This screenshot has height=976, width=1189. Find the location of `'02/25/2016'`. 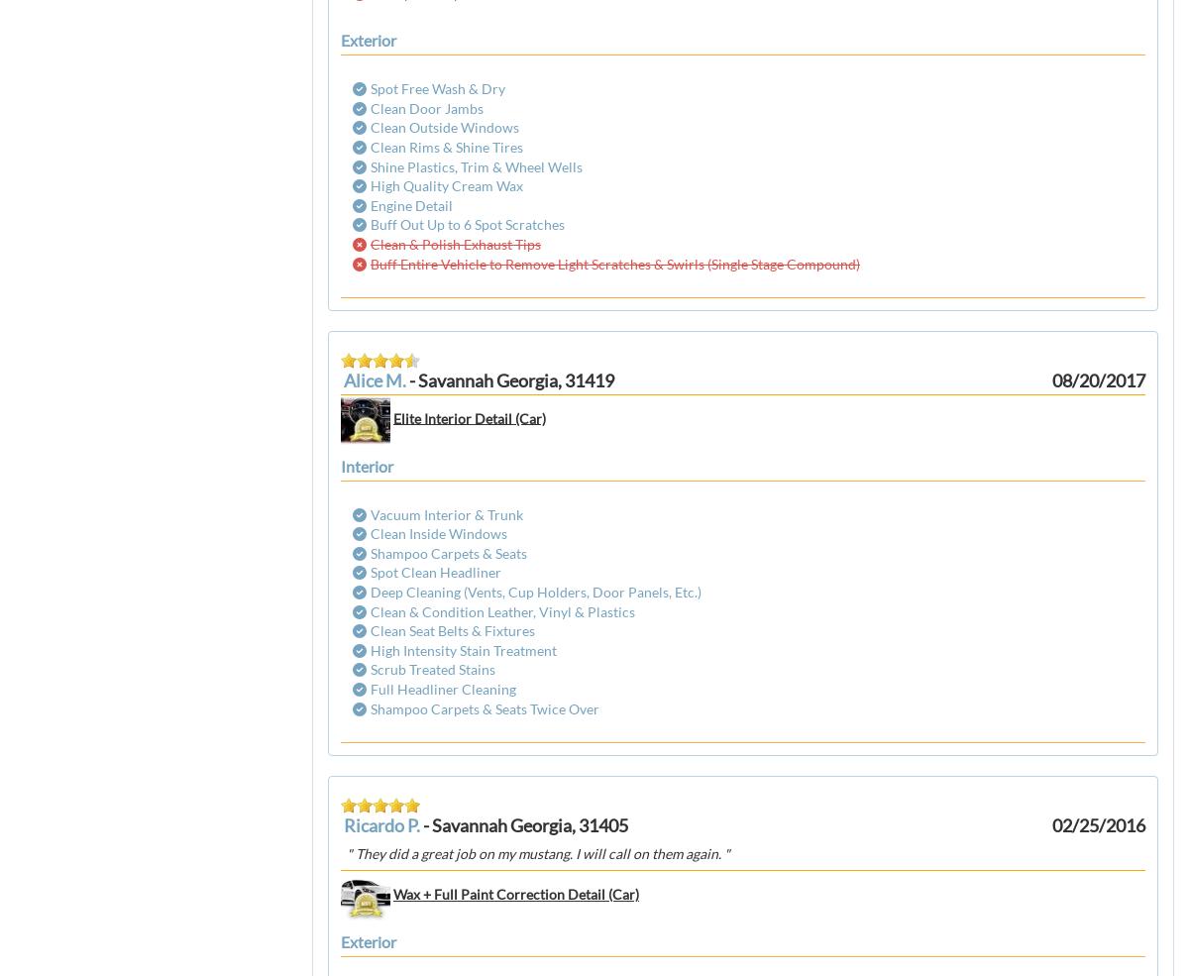

'02/25/2016' is located at coordinates (1098, 824).